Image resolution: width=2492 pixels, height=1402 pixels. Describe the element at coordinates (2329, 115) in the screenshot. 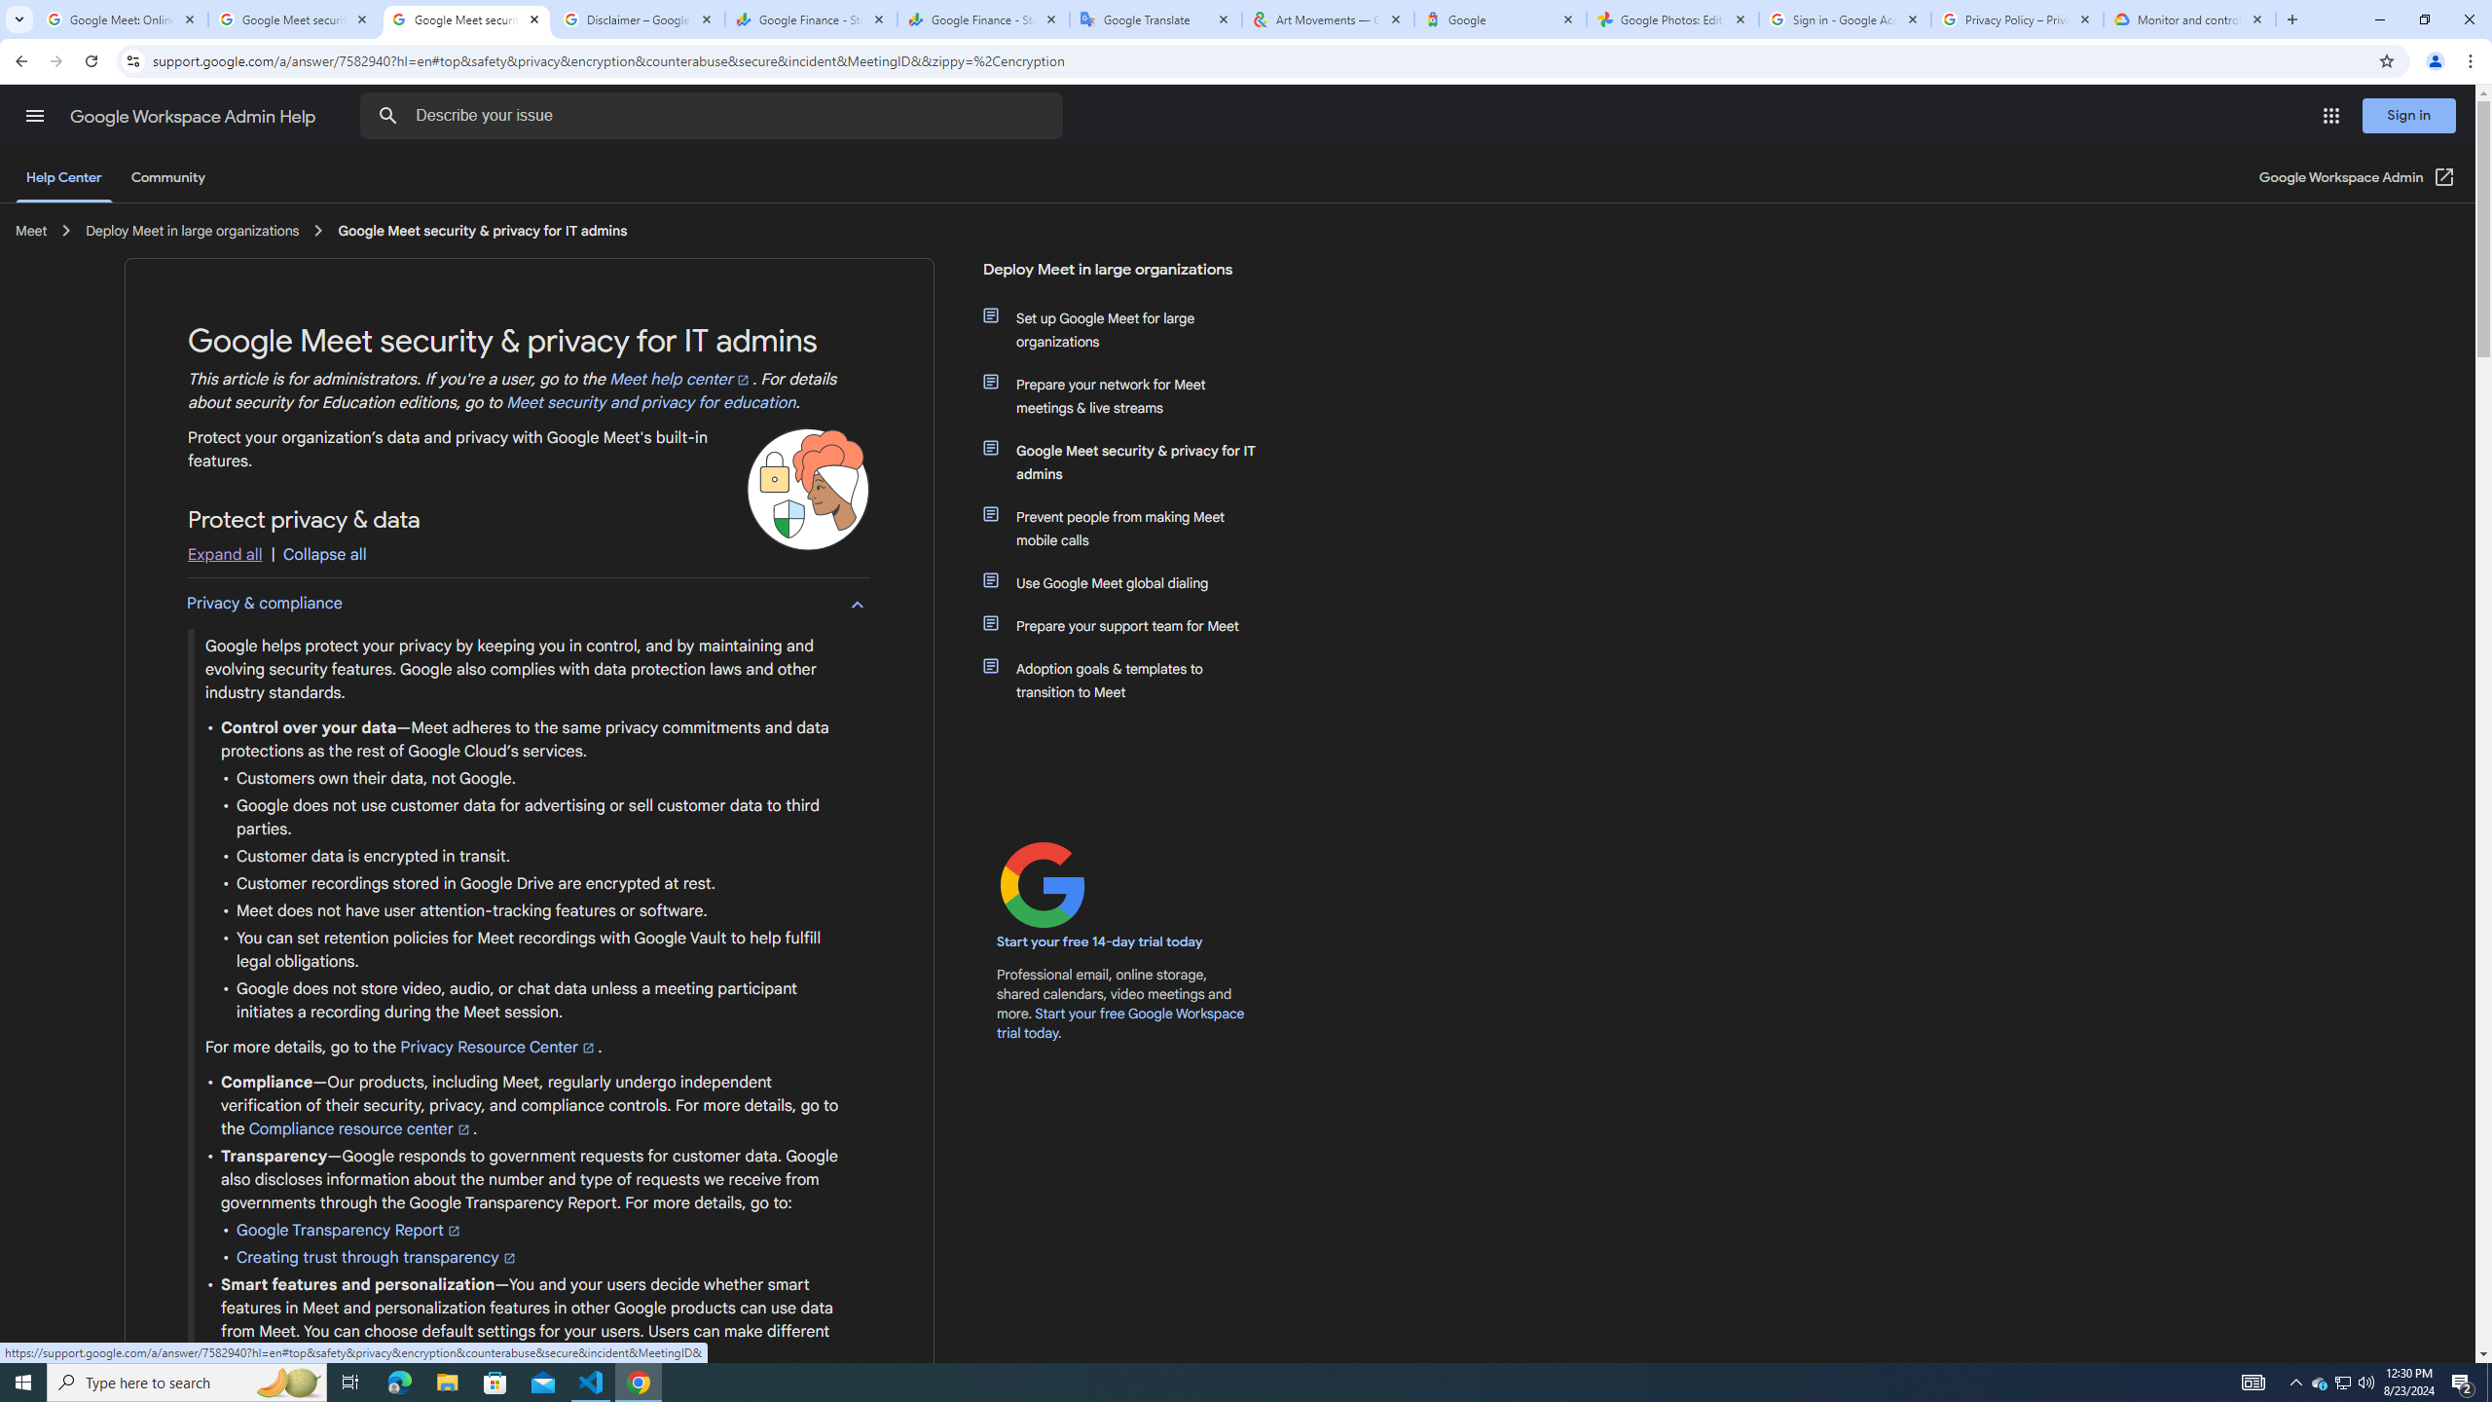

I see `'Google apps'` at that location.